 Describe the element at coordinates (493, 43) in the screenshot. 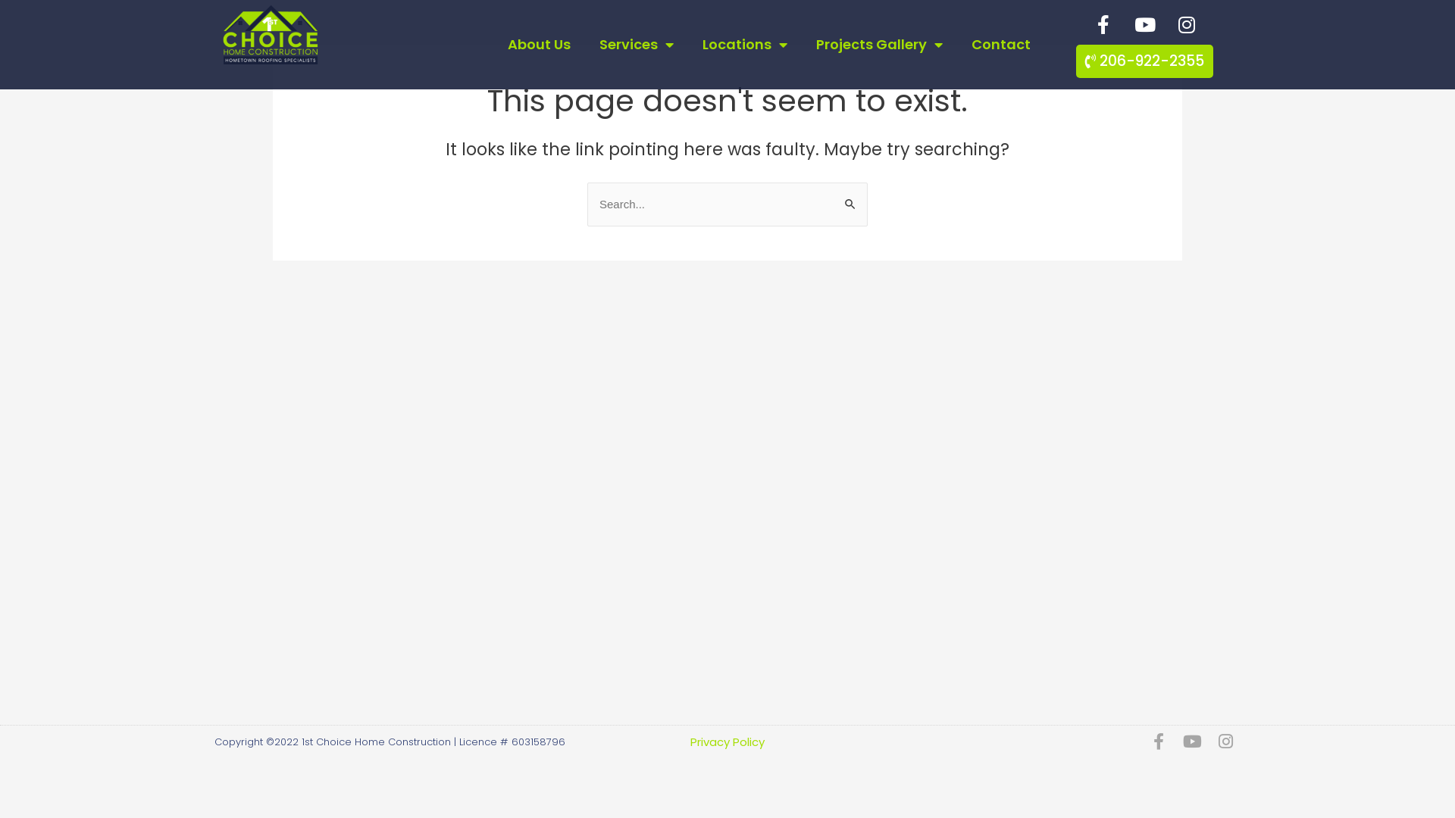

I see `'About Us'` at that location.